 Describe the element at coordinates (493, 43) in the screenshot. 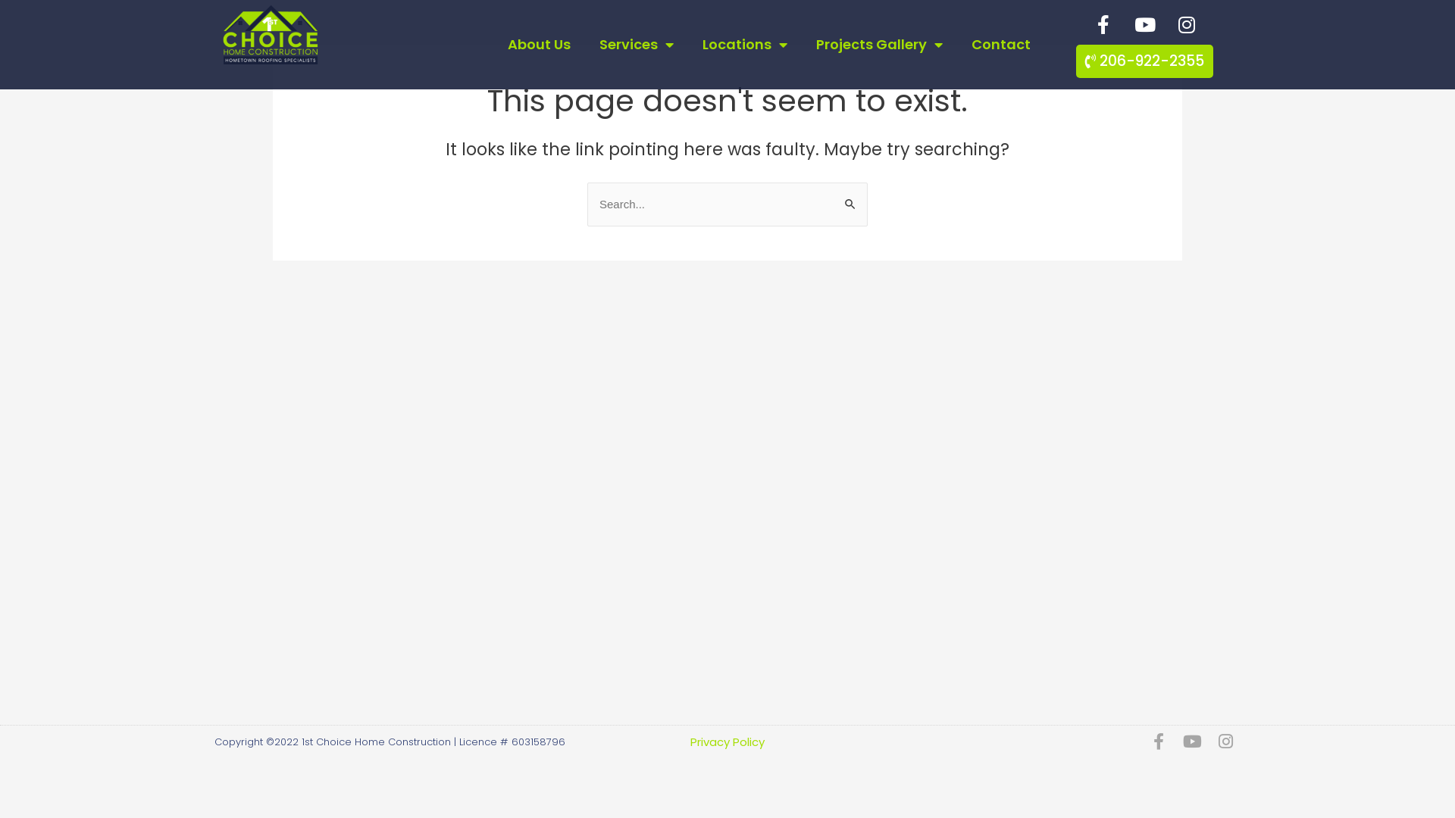

I see `'About Us'` at that location.